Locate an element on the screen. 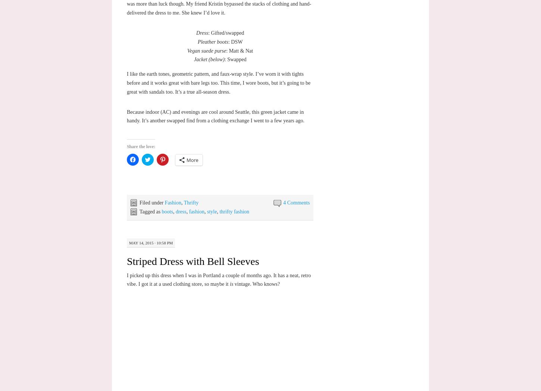 This screenshot has width=541, height=391. 'fashion' is located at coordinates (196, 211).